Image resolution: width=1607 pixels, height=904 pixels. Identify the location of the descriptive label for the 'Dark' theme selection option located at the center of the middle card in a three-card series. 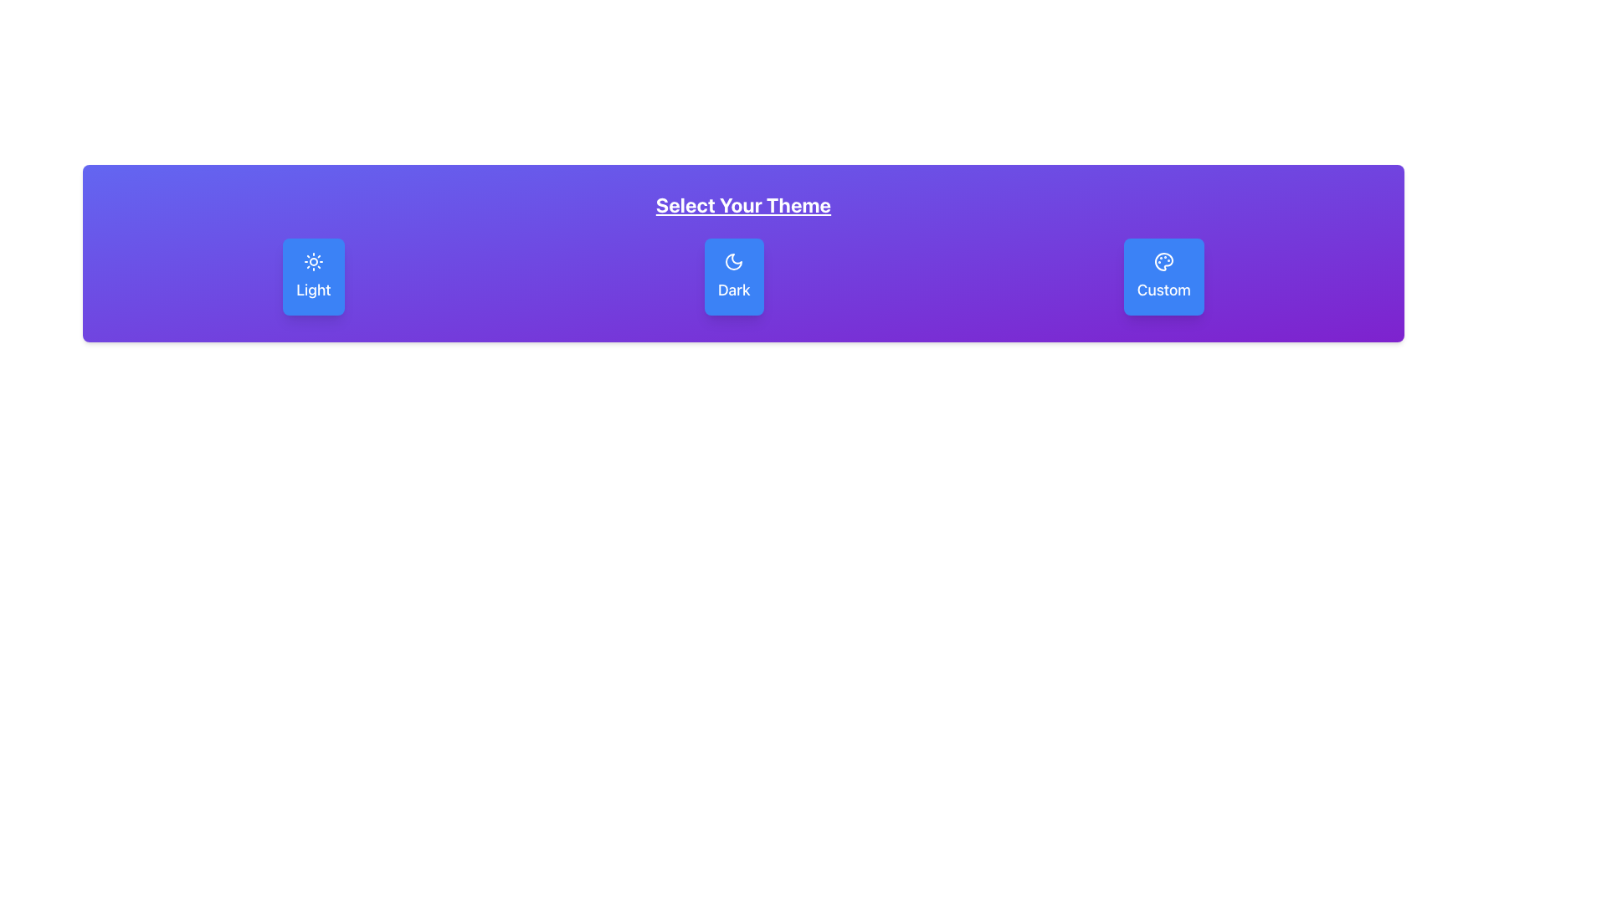
(734, 290).